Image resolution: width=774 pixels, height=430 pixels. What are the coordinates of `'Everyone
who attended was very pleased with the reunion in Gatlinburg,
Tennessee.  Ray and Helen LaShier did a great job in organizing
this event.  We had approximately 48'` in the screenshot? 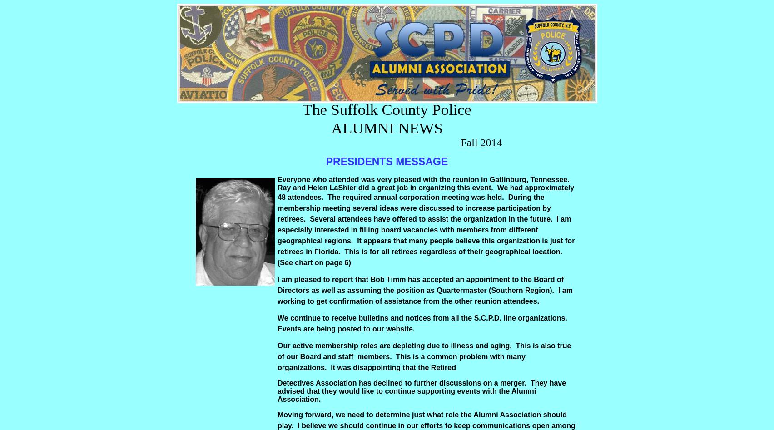 It's located at (426, 188).